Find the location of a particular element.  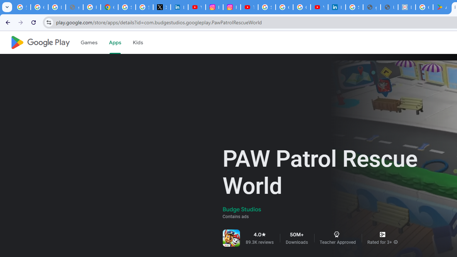

'Privacy Help Center - Policies Help' is located at coordinates (91, 7).